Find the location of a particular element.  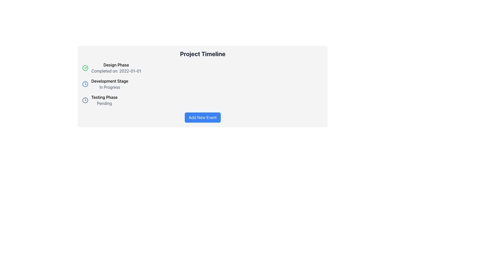

the text label that reads 'Completed on: 2022-01-01', which is located directly below 'Design Phase' in the top-left section of the timeline interface is located at coordinates (116, 71).